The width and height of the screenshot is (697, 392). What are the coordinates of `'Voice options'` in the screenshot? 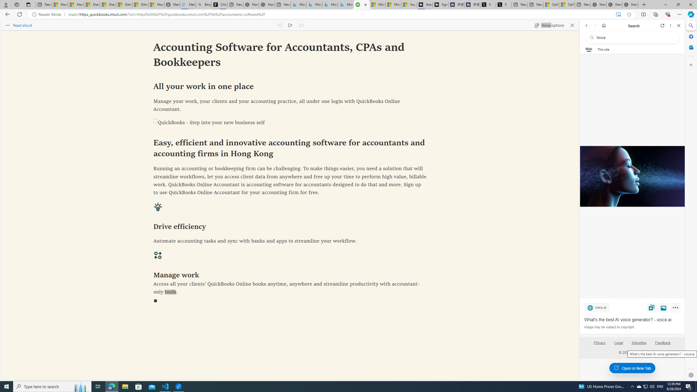 It's located at (549, 25).